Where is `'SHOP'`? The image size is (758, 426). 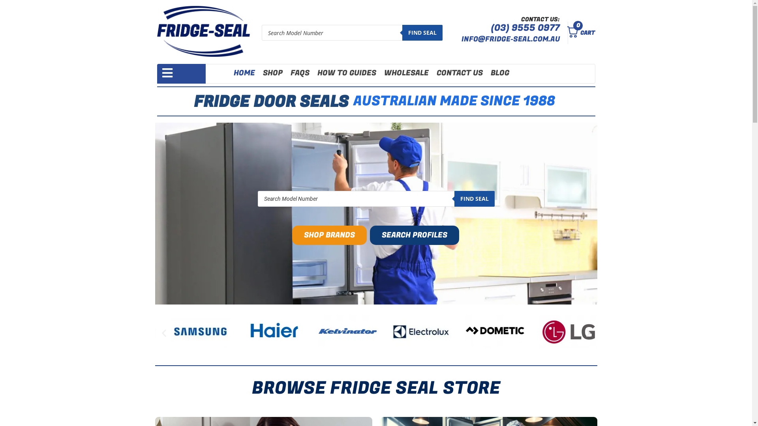
'SHOP' is located at coordinates (273, 73).